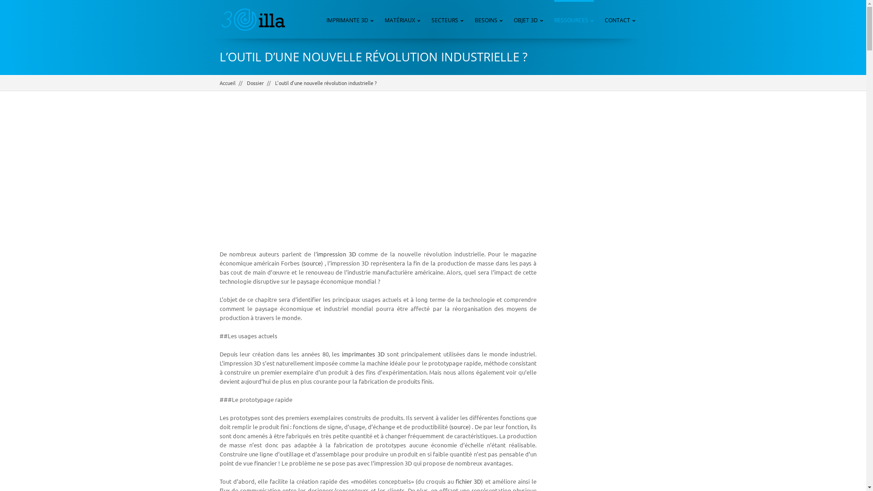 The height and width of the screenshot is (491, 873). Describe the element at coordinates (528, 19) in the screenshot. I see `'OBJET 3D'` at that location.